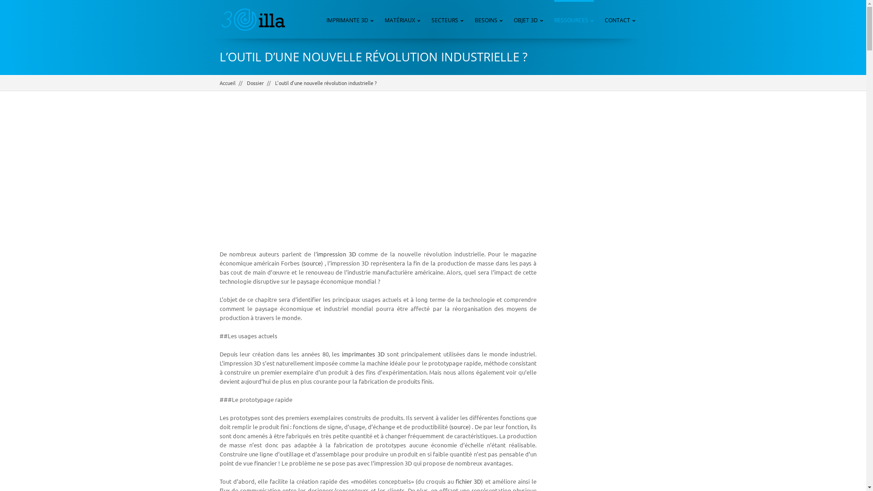 The height and width of the screenshot is (491, 873). Describe the element at coordinates (528, 19) in the screenshot. I see `'OBJET 3D'` at that location.